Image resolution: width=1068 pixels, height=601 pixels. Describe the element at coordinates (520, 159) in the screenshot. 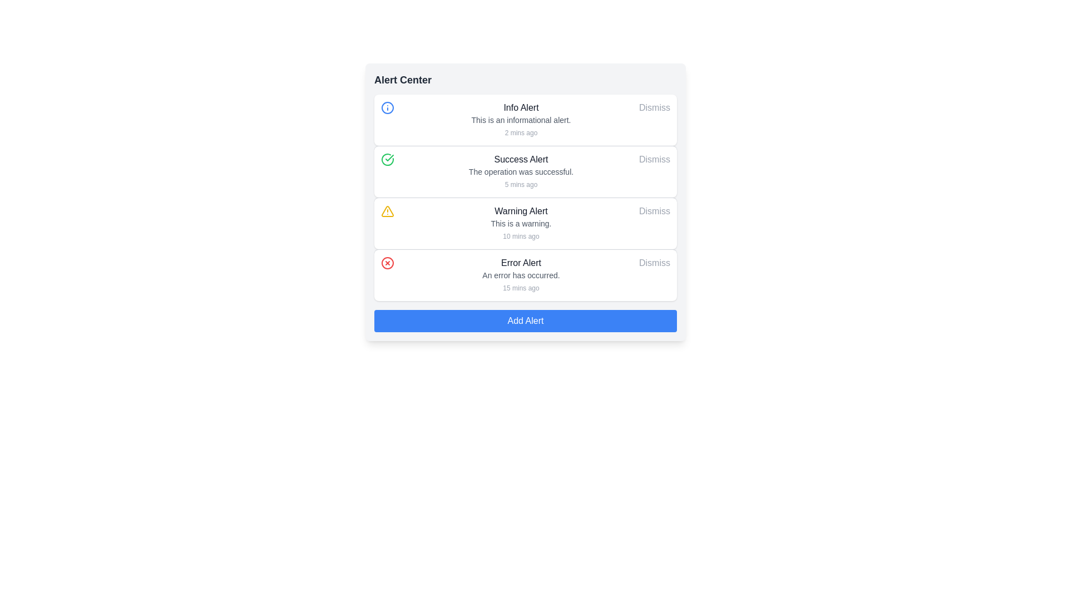

I see `the 'Success Alert' text label, which is styled with medium-sized, bold, gray text and is located in the second notification card in a vertically stacked list` at that location.